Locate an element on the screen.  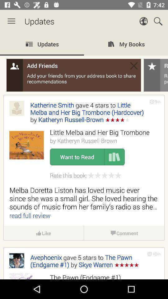
window is located at coordinates (133, 66).